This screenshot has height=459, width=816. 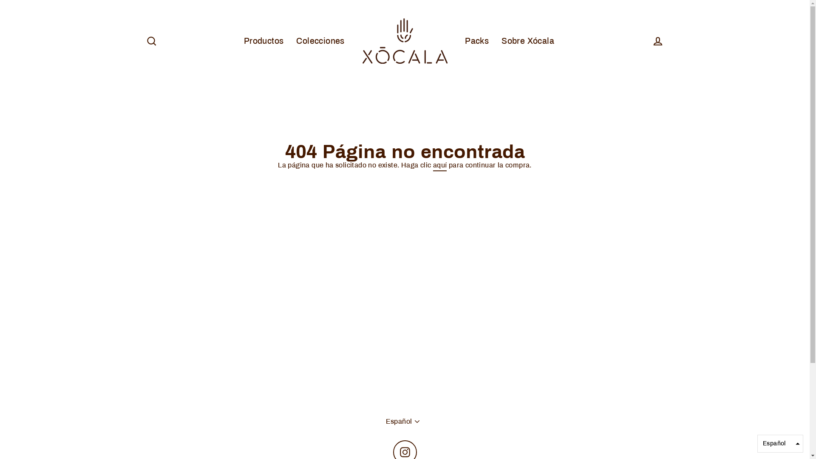 What do you see at coordinates (237, 41) in the screenshot?
I see `'Productos'` at bounding box center [237, 41].